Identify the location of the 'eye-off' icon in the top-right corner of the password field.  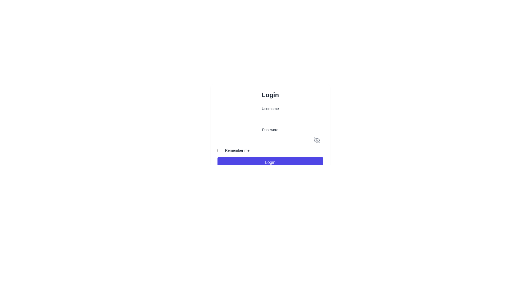
(317, 139).